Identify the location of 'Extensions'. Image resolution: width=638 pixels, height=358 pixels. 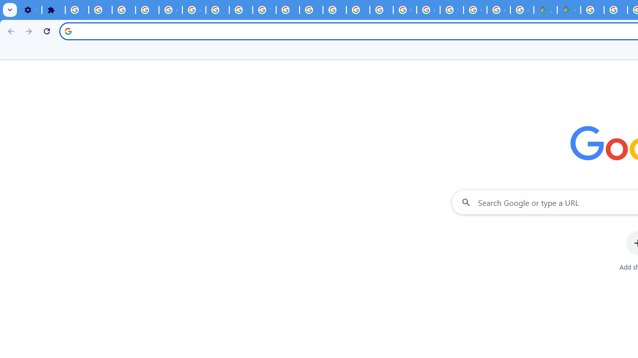
(53, 10).